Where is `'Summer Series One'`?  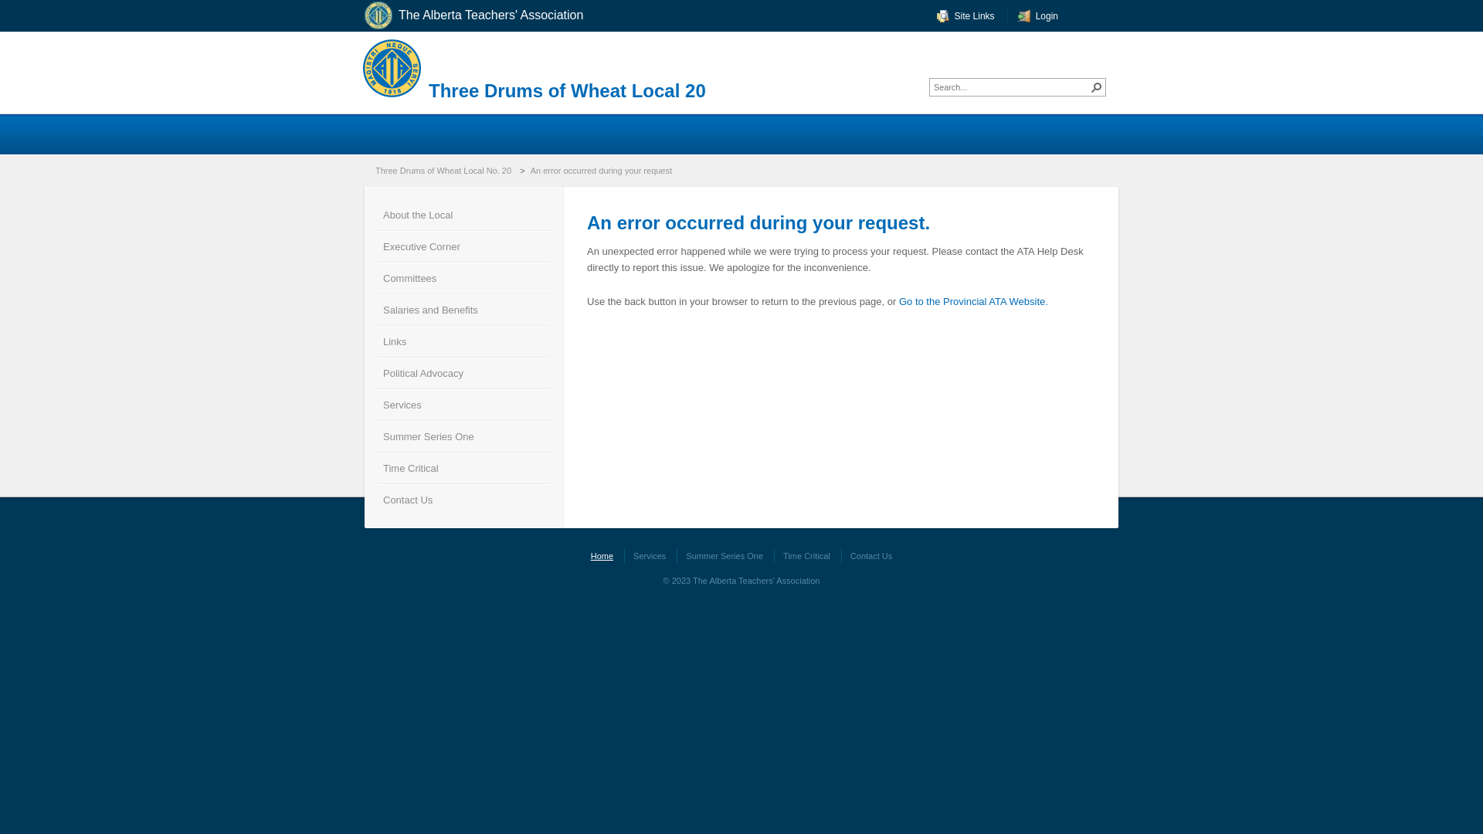 'Summer Series One' is located at coordinates (723, 556).